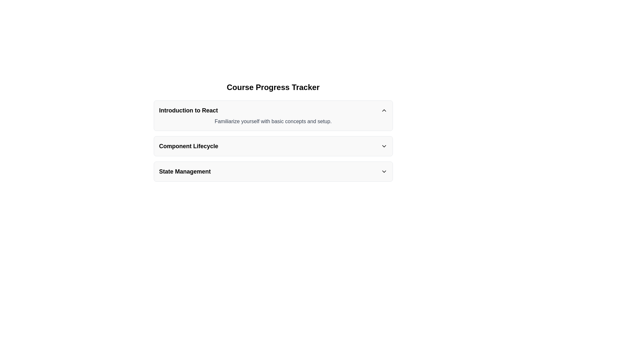 The width and height of the screenshot is (624, 351). I want to click on the upward chevron arrow icon next to the 'Introduction to React' text, so click(384, 110).